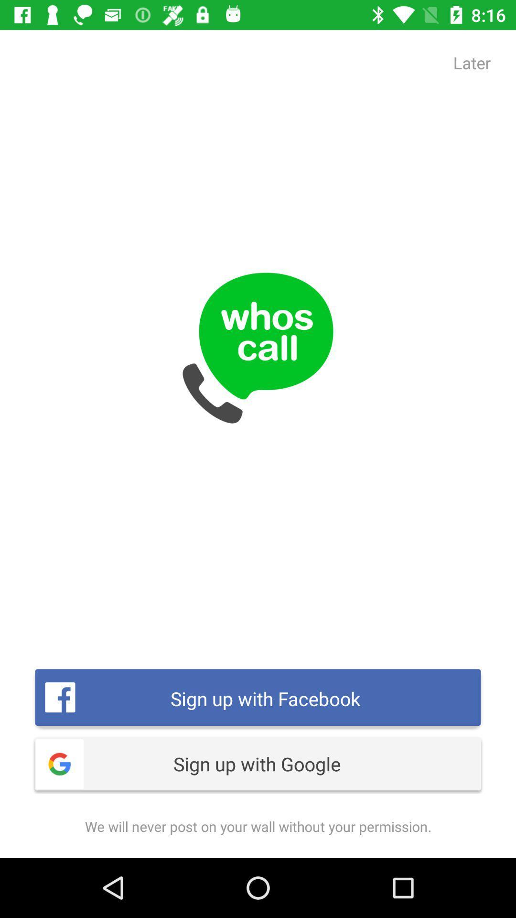  Describe the element at coordinates (472, 62) in the screenshot. I see `later app` at that location.